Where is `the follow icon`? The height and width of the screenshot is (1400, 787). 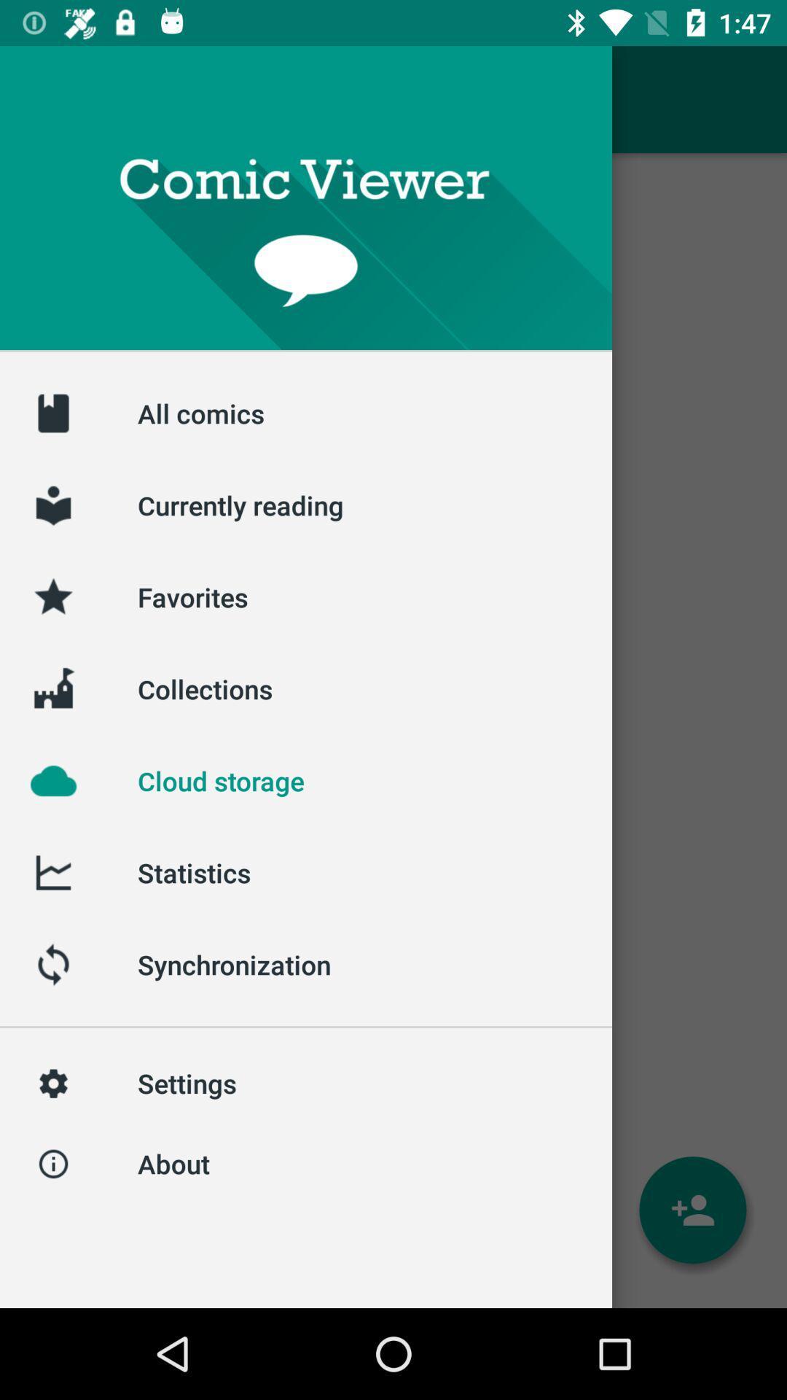 the follow icon is located at coordinates (692, 1210).